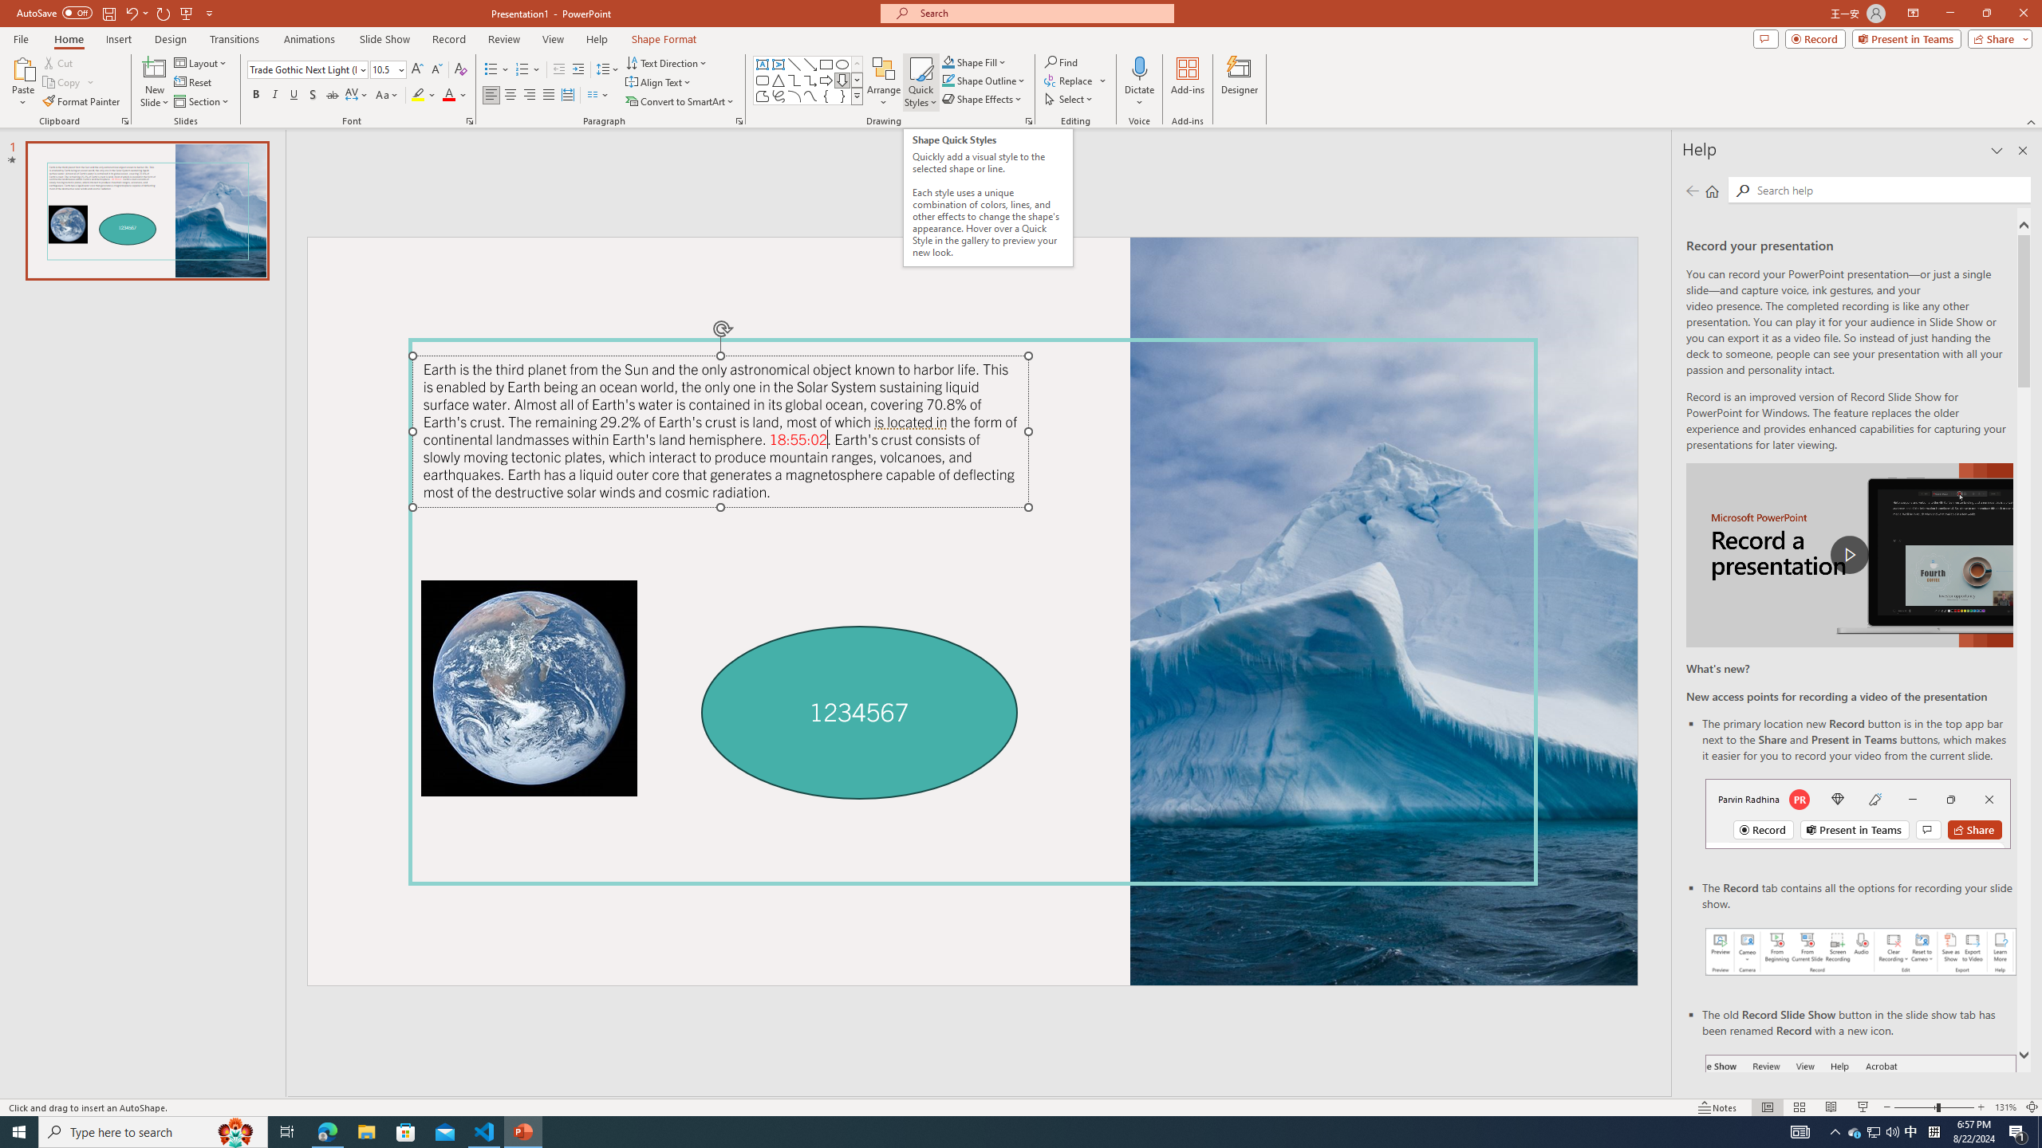  Describe the element at coordinates (1692, 190) in the screenshot. I see `'Previous page'` at that location.